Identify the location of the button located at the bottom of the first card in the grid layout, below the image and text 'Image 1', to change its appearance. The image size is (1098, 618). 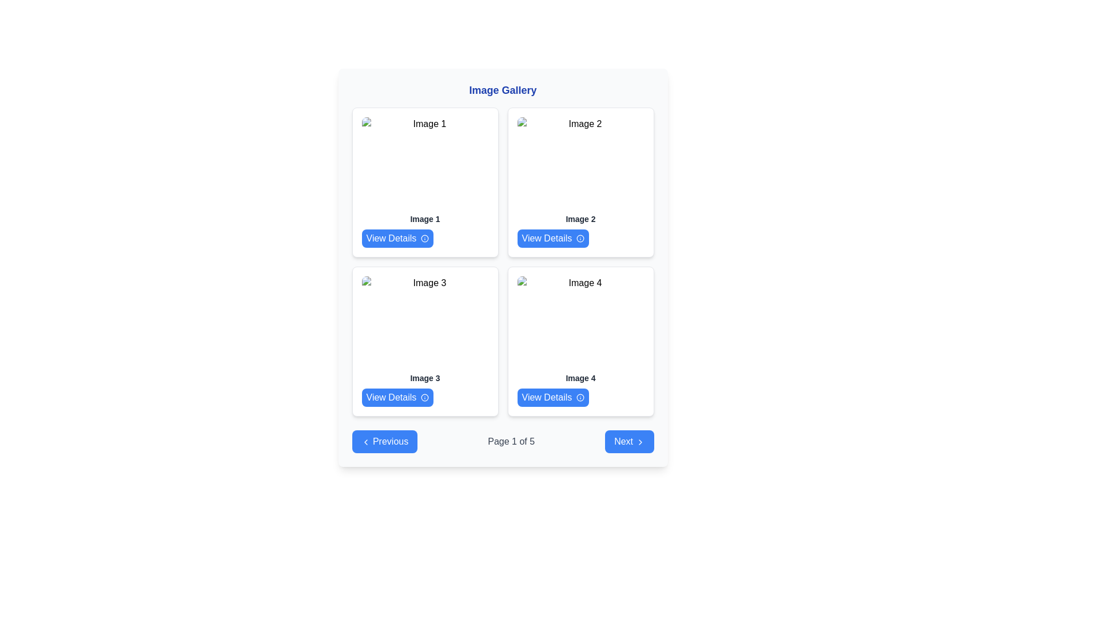
(397, 237).